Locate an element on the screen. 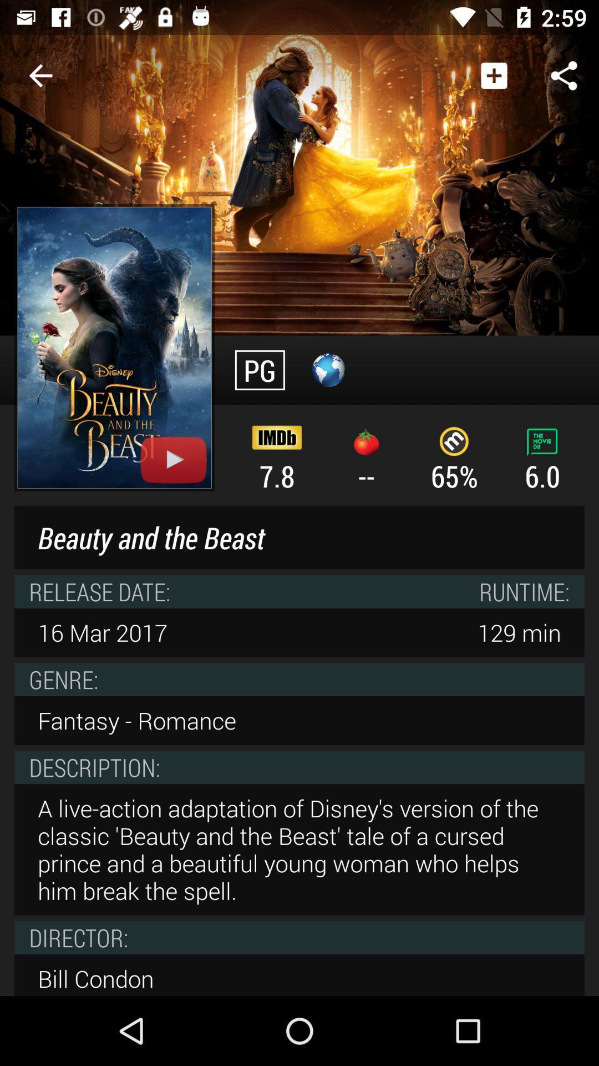 The width and height of the screenshot is (599, 1066). the youtube symbol is located at coordinates (114, 347).